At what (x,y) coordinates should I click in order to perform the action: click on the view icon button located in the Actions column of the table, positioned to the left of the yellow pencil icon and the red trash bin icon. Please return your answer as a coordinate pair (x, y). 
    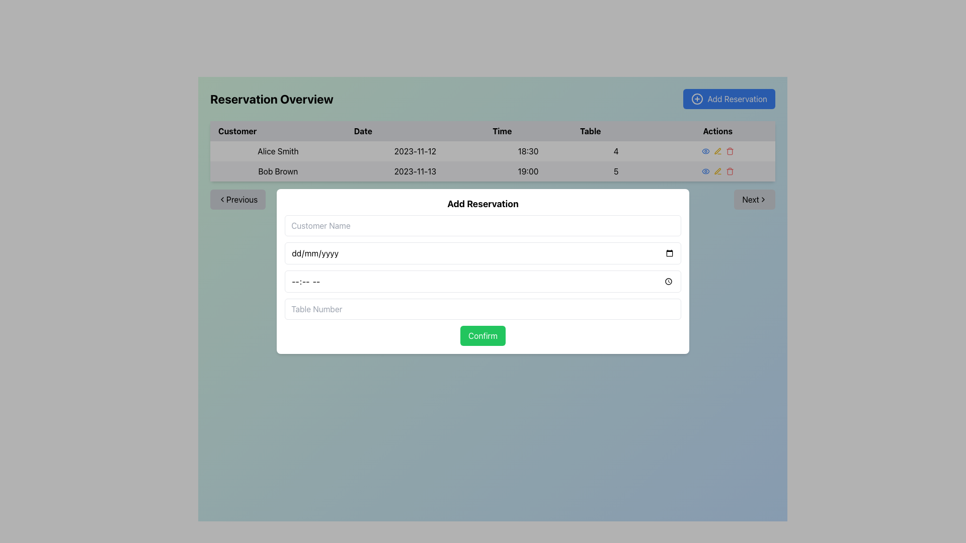
    Looking at the image, I should click on (705, 151).